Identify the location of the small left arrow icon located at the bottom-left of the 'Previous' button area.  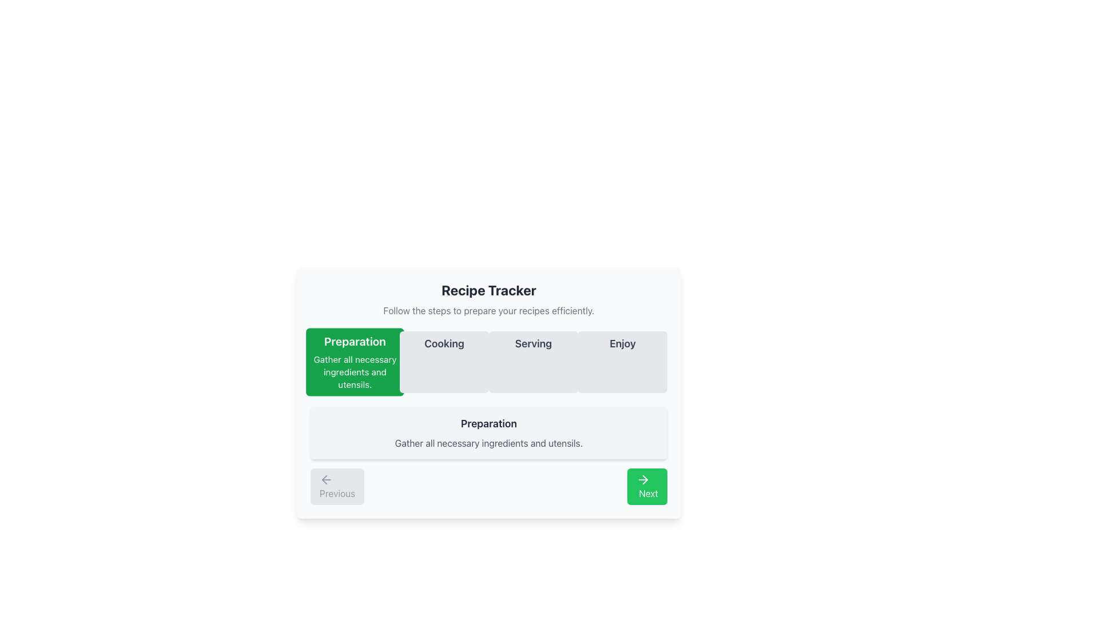
(324, 480).